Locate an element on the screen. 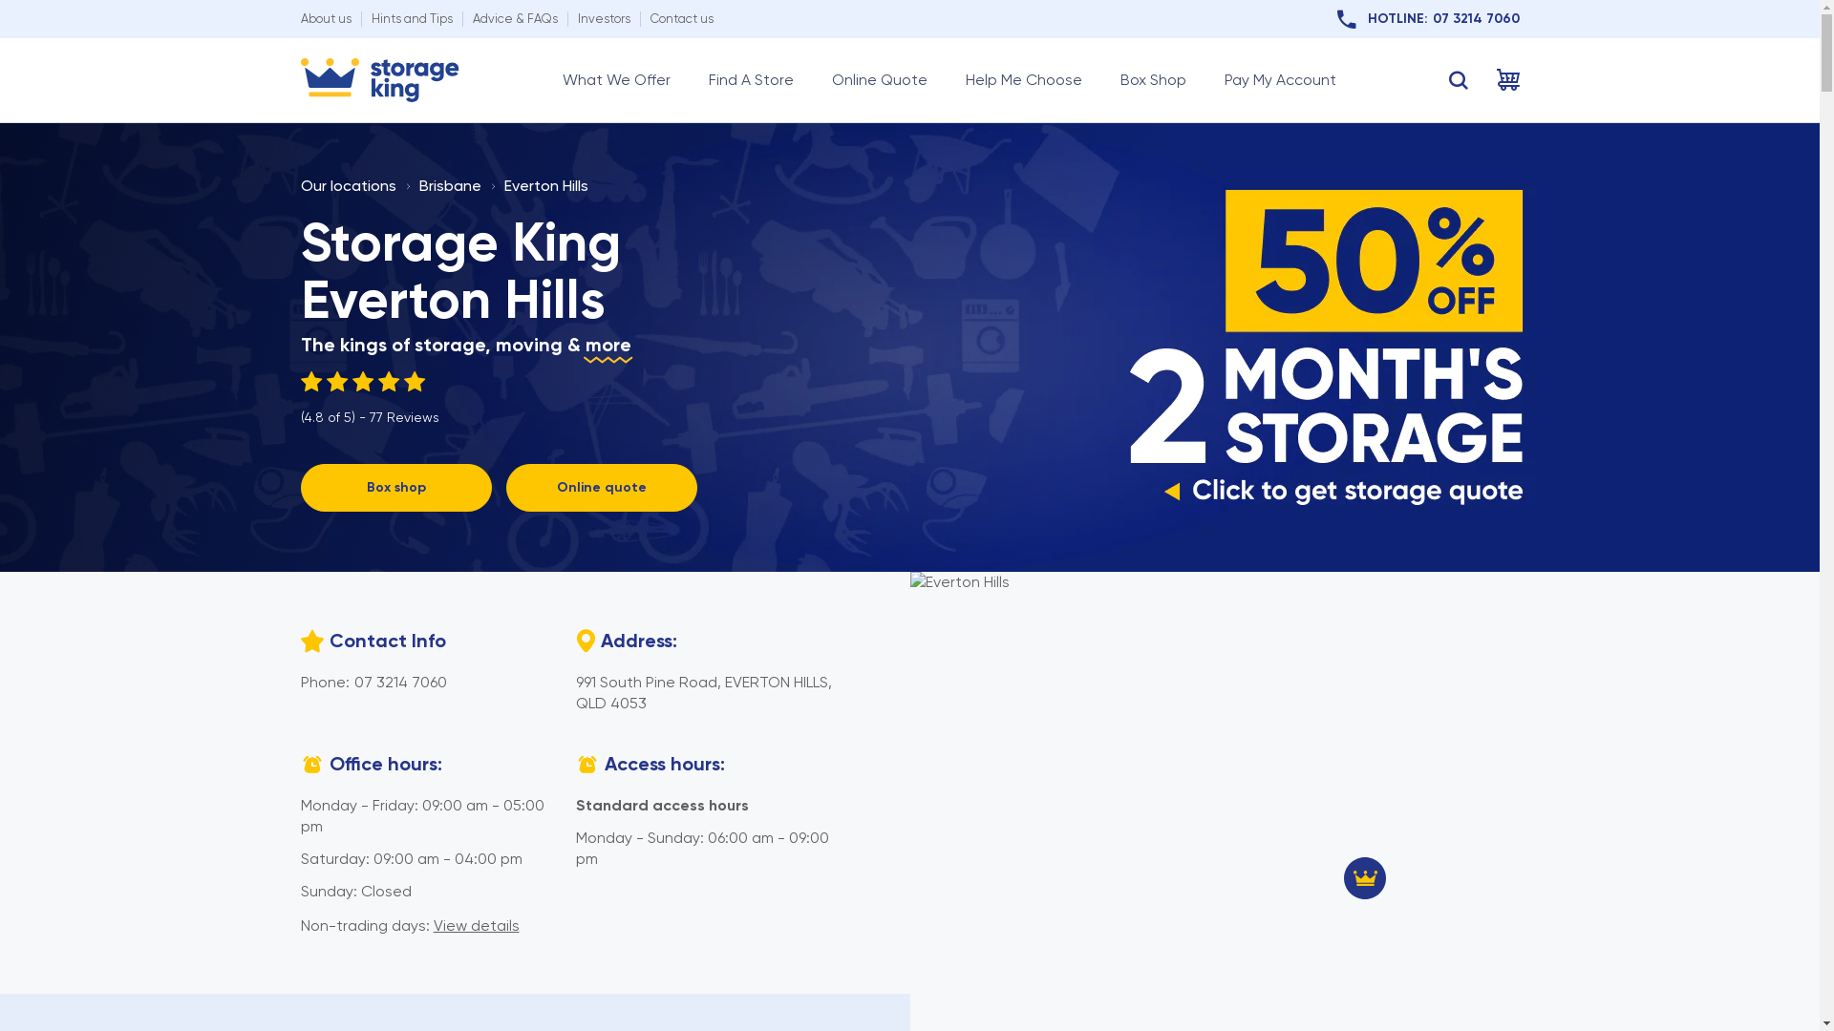 The image size is (1834, 1031). 'Find A Store' is located at coordinates (750, 79).